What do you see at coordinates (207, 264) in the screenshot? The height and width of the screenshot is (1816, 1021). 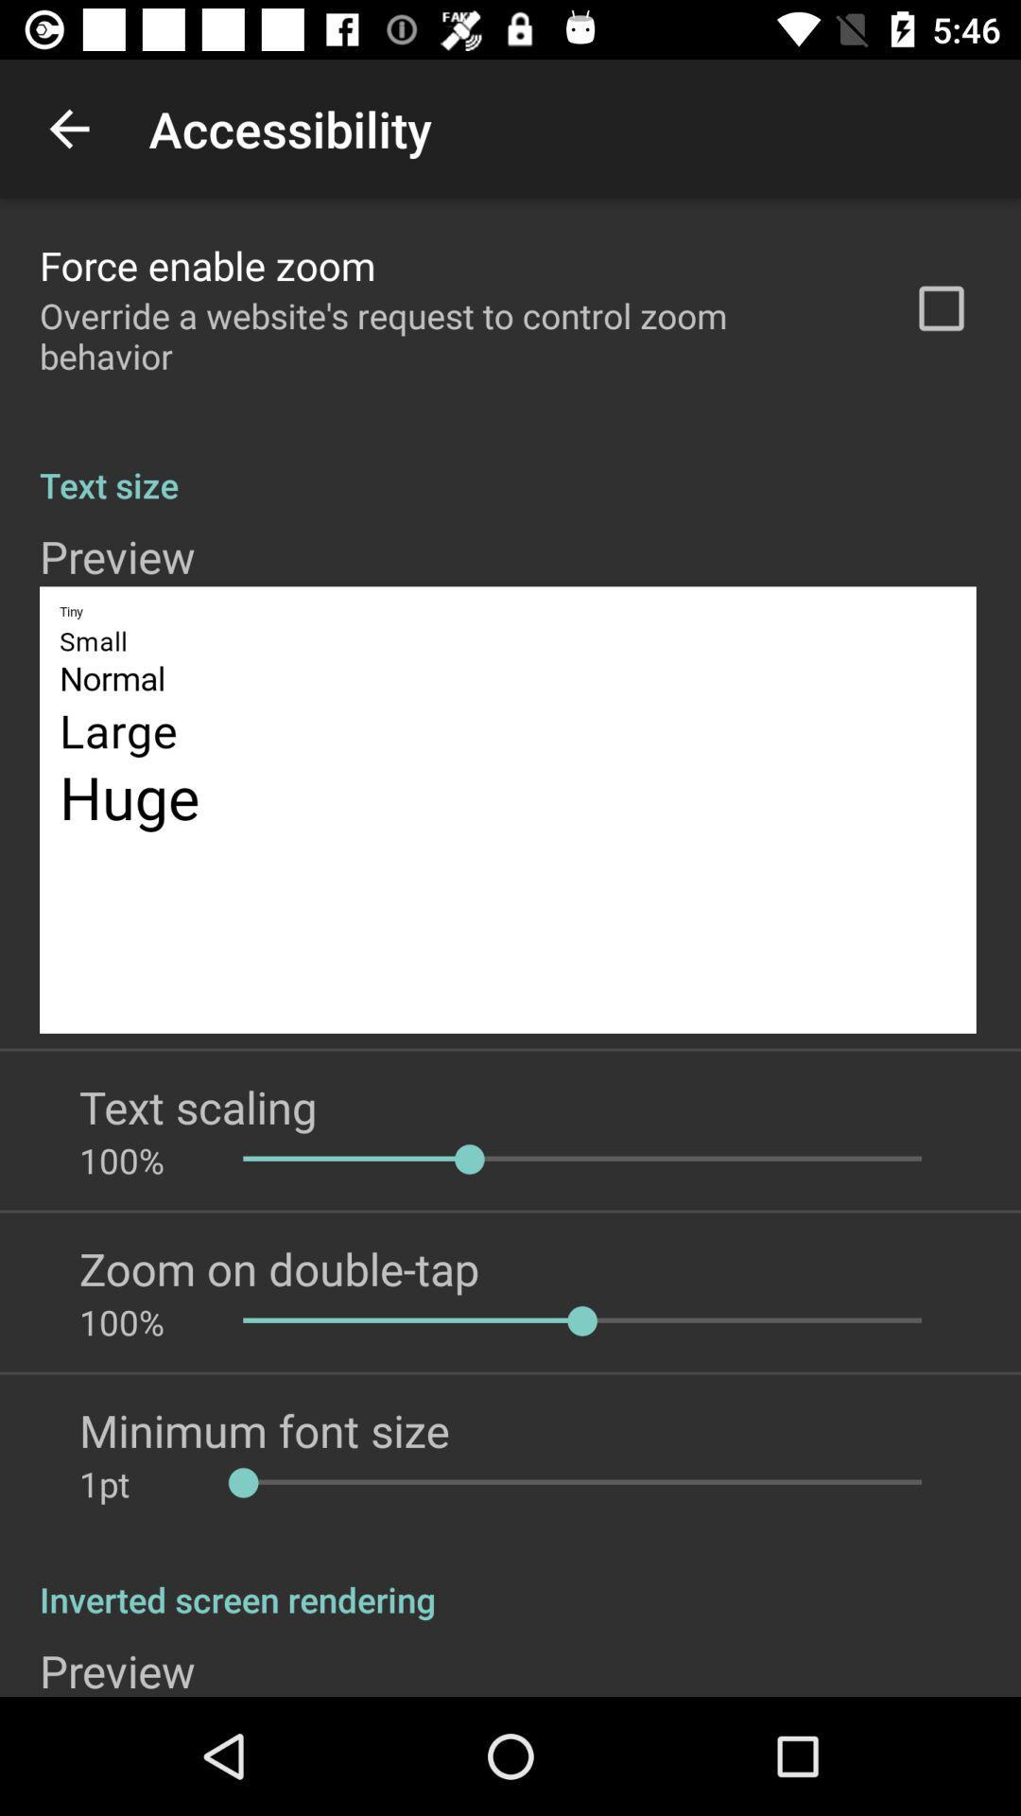 I see `force enable zoom app` at bounding box center [207, 264].